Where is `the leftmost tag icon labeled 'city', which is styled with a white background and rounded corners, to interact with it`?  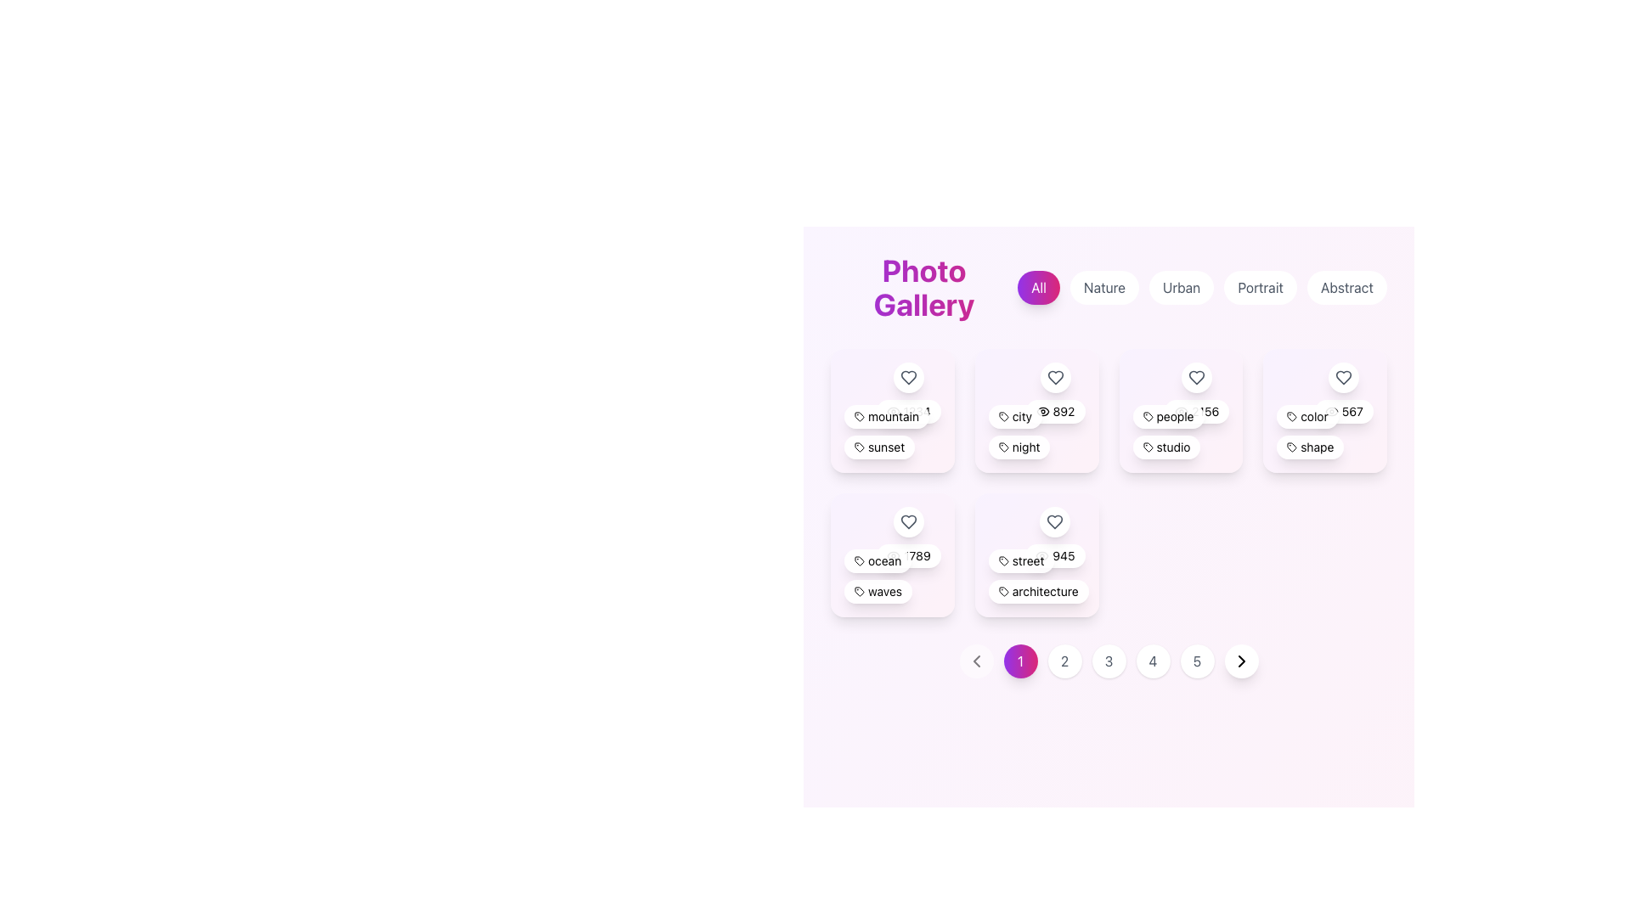
the leftmost tag icon labeled 'city', which is styled with a white background and rounded corners, to interact with it is located at coordinates (1015, 415).